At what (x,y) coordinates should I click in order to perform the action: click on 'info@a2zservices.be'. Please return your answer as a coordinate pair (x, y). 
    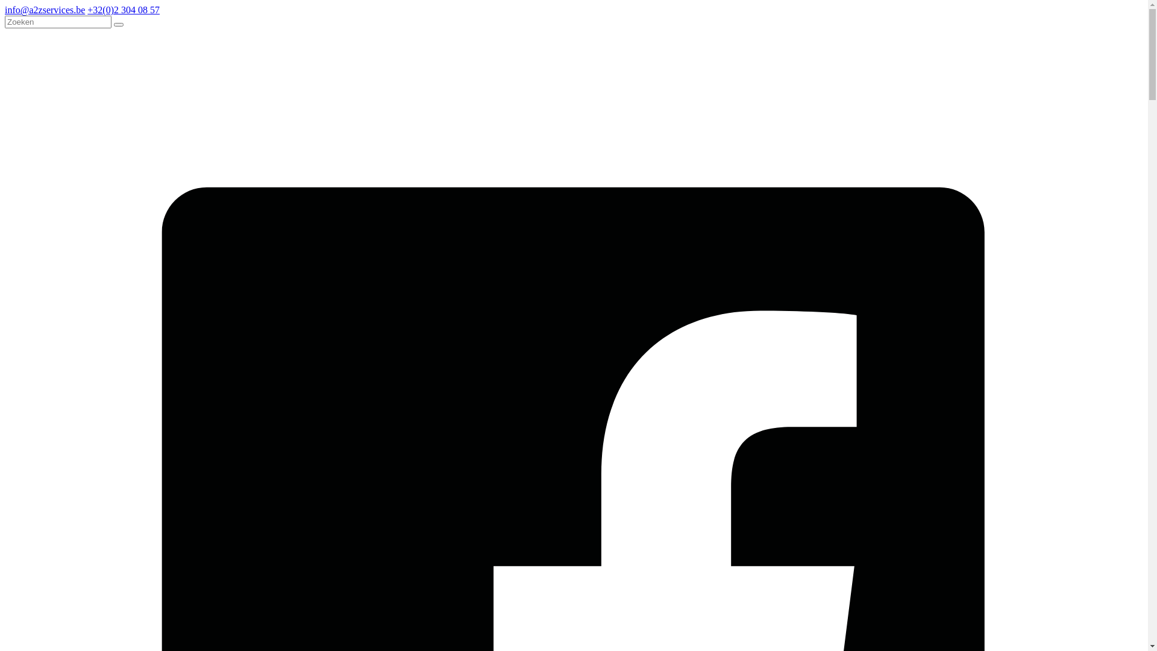
    Looking at the image, I should click on (5, 10).